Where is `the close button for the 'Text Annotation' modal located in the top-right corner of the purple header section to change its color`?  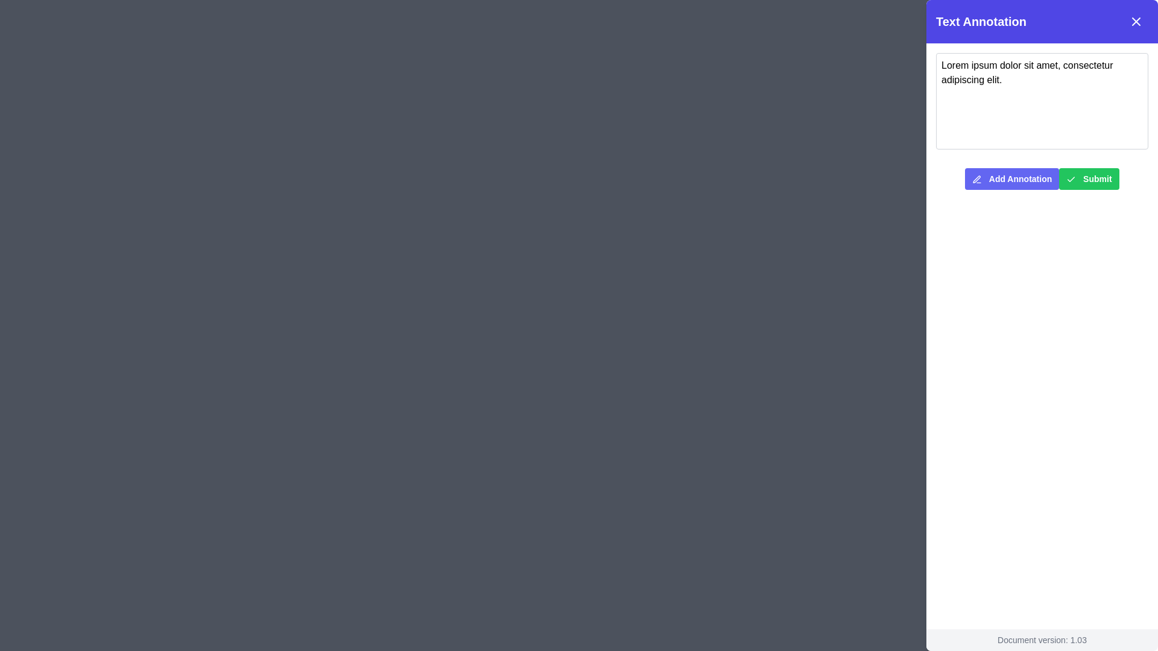 the close button for the 'Text Annotation' modal located in the top-right corner of the purple header section to change its color is located at coordinates (1135, 21).